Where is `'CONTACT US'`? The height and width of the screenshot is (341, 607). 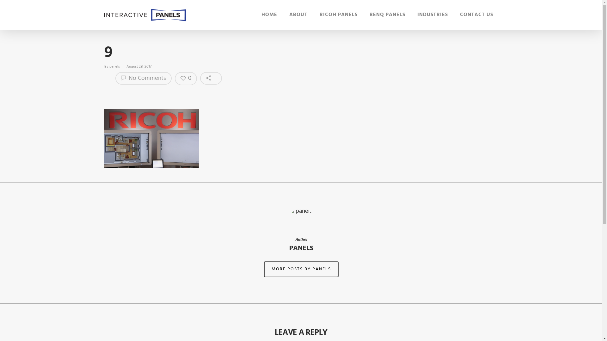 'CONTACT US' is located at coordinates (460, 16).